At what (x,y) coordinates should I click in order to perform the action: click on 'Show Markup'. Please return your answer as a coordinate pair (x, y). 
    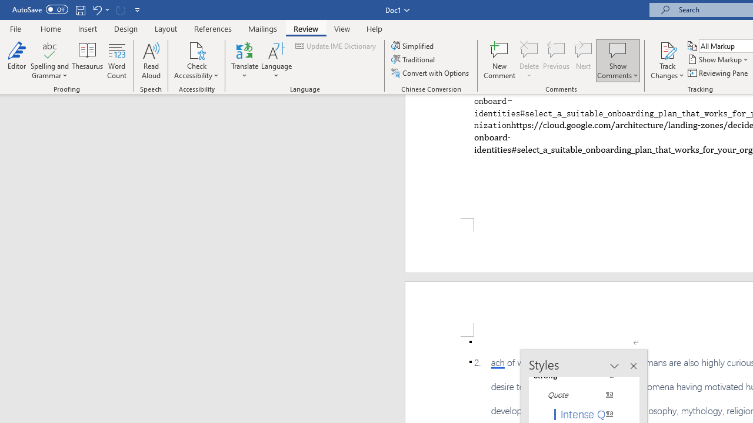
    Looking at the image, I should click on (718, 59).